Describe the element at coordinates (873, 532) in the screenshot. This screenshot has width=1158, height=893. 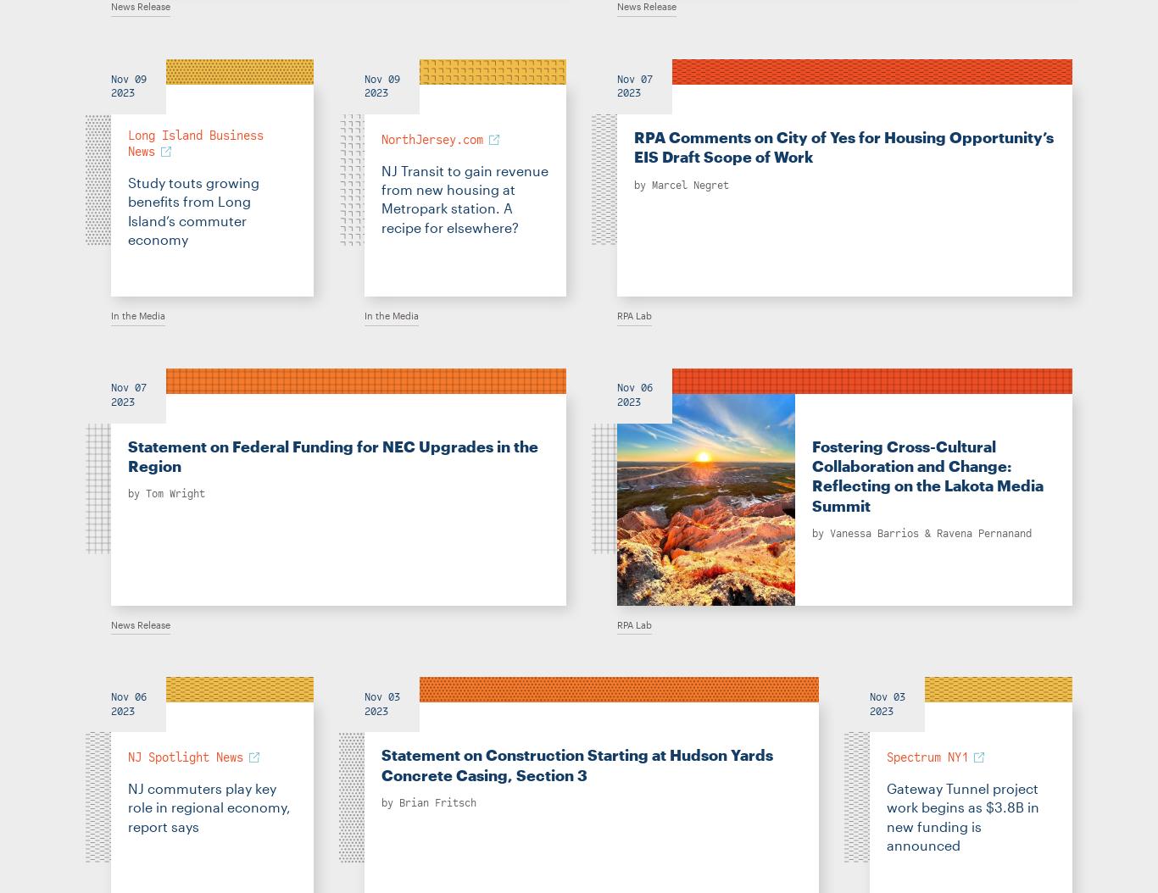
I see `'Vanessa Barrios'` at that location.